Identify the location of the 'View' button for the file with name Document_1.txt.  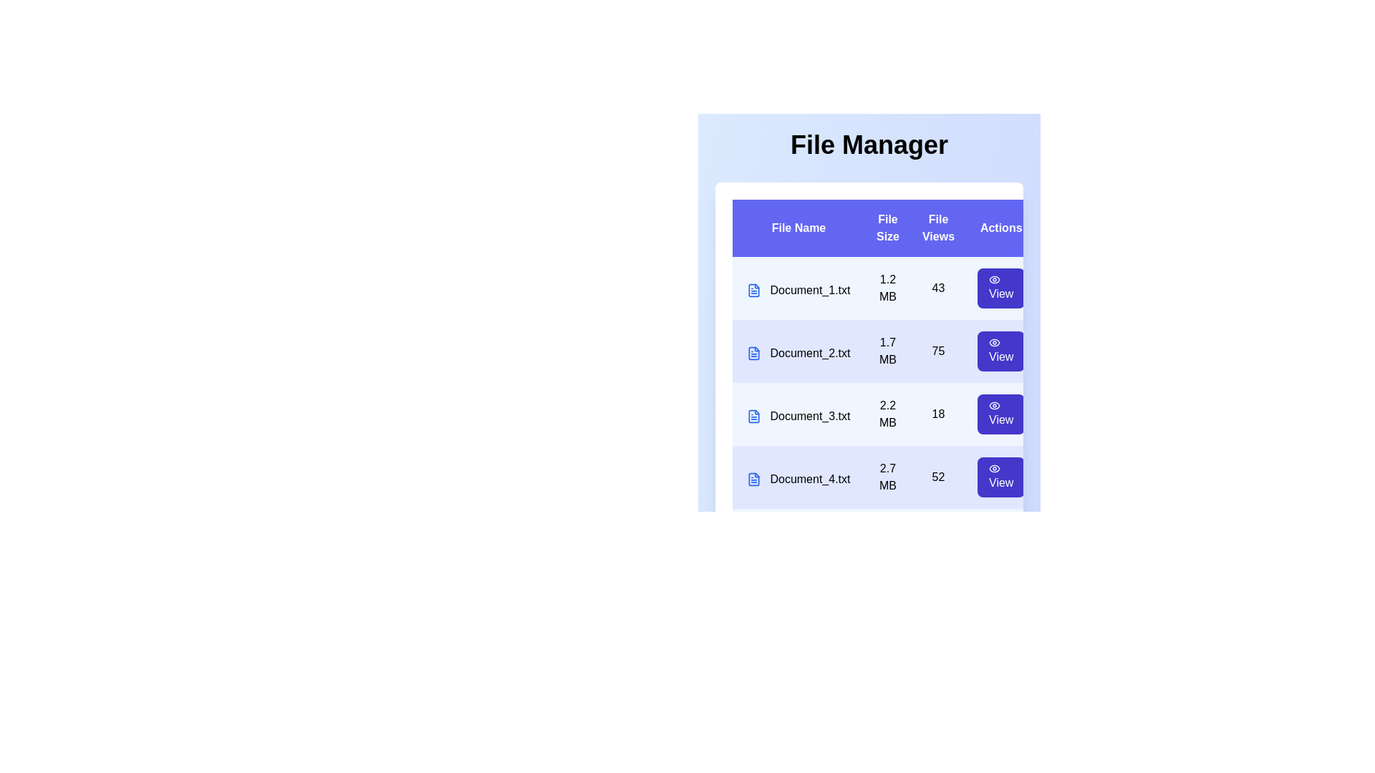
(1000, 288).